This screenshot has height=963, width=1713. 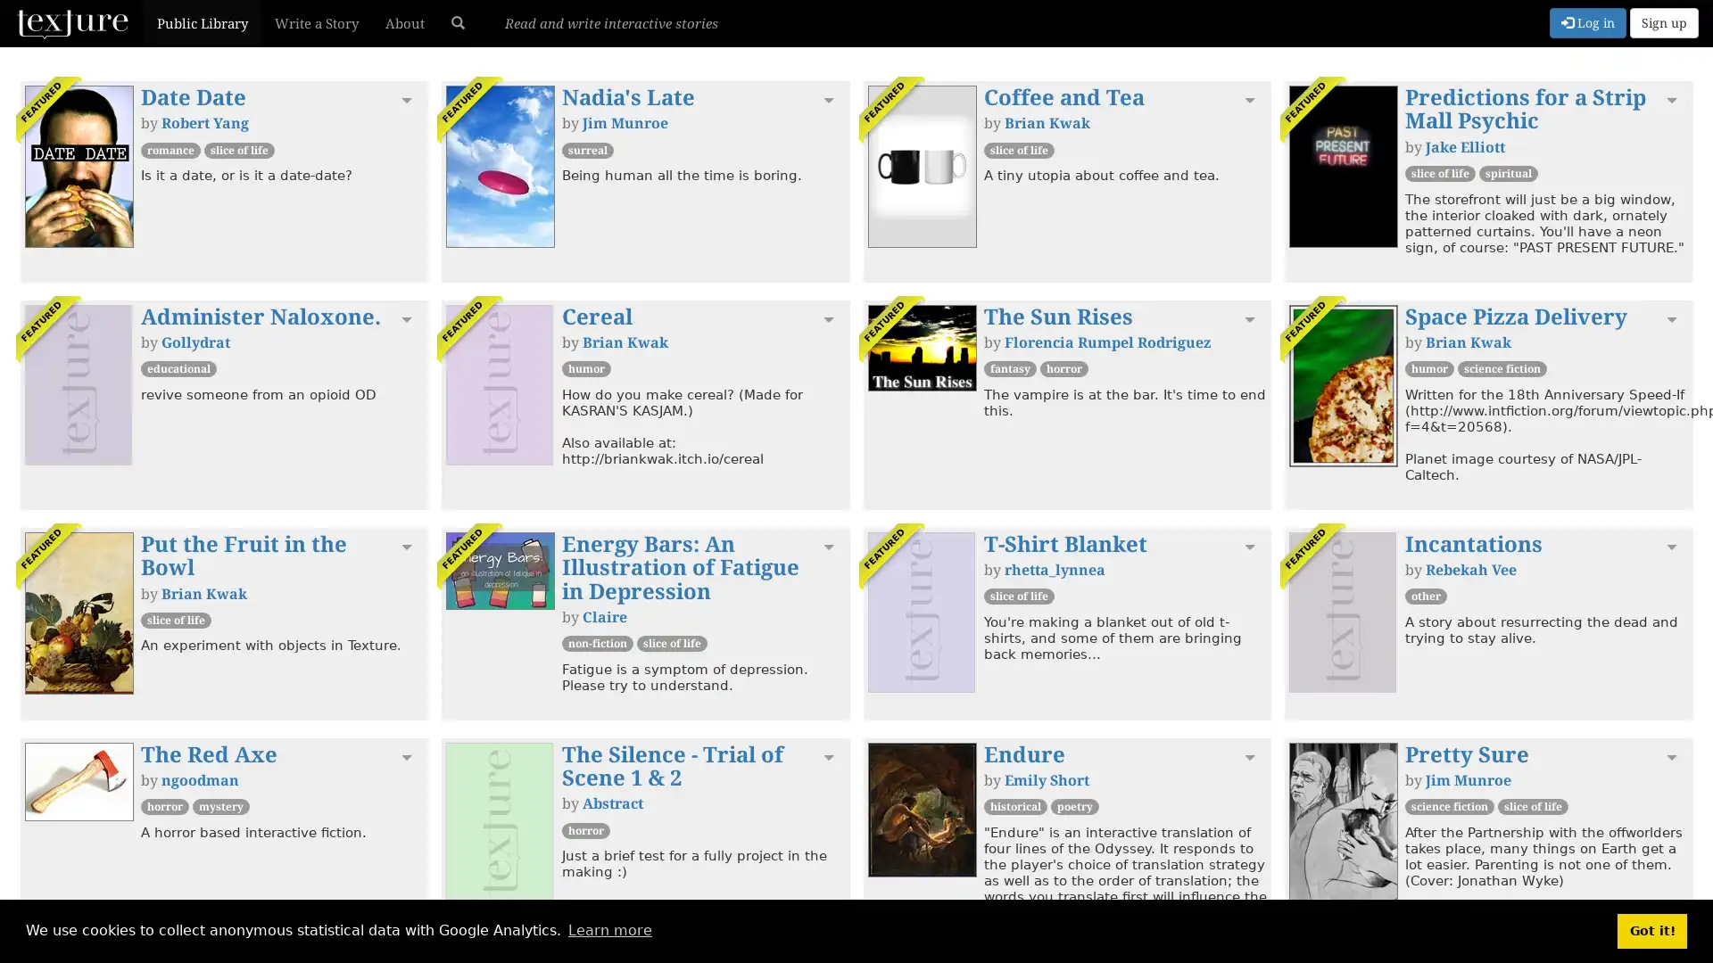 I want to click on dismiss cookie message, so click(x=1651, y=930).